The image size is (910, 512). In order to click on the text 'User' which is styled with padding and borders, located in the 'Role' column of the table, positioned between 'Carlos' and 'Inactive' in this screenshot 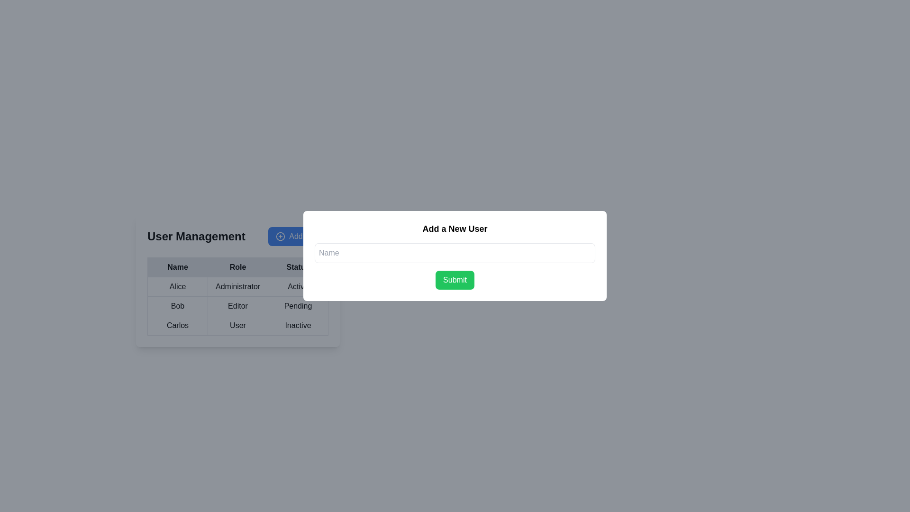, I will do `click(238, 325)`.